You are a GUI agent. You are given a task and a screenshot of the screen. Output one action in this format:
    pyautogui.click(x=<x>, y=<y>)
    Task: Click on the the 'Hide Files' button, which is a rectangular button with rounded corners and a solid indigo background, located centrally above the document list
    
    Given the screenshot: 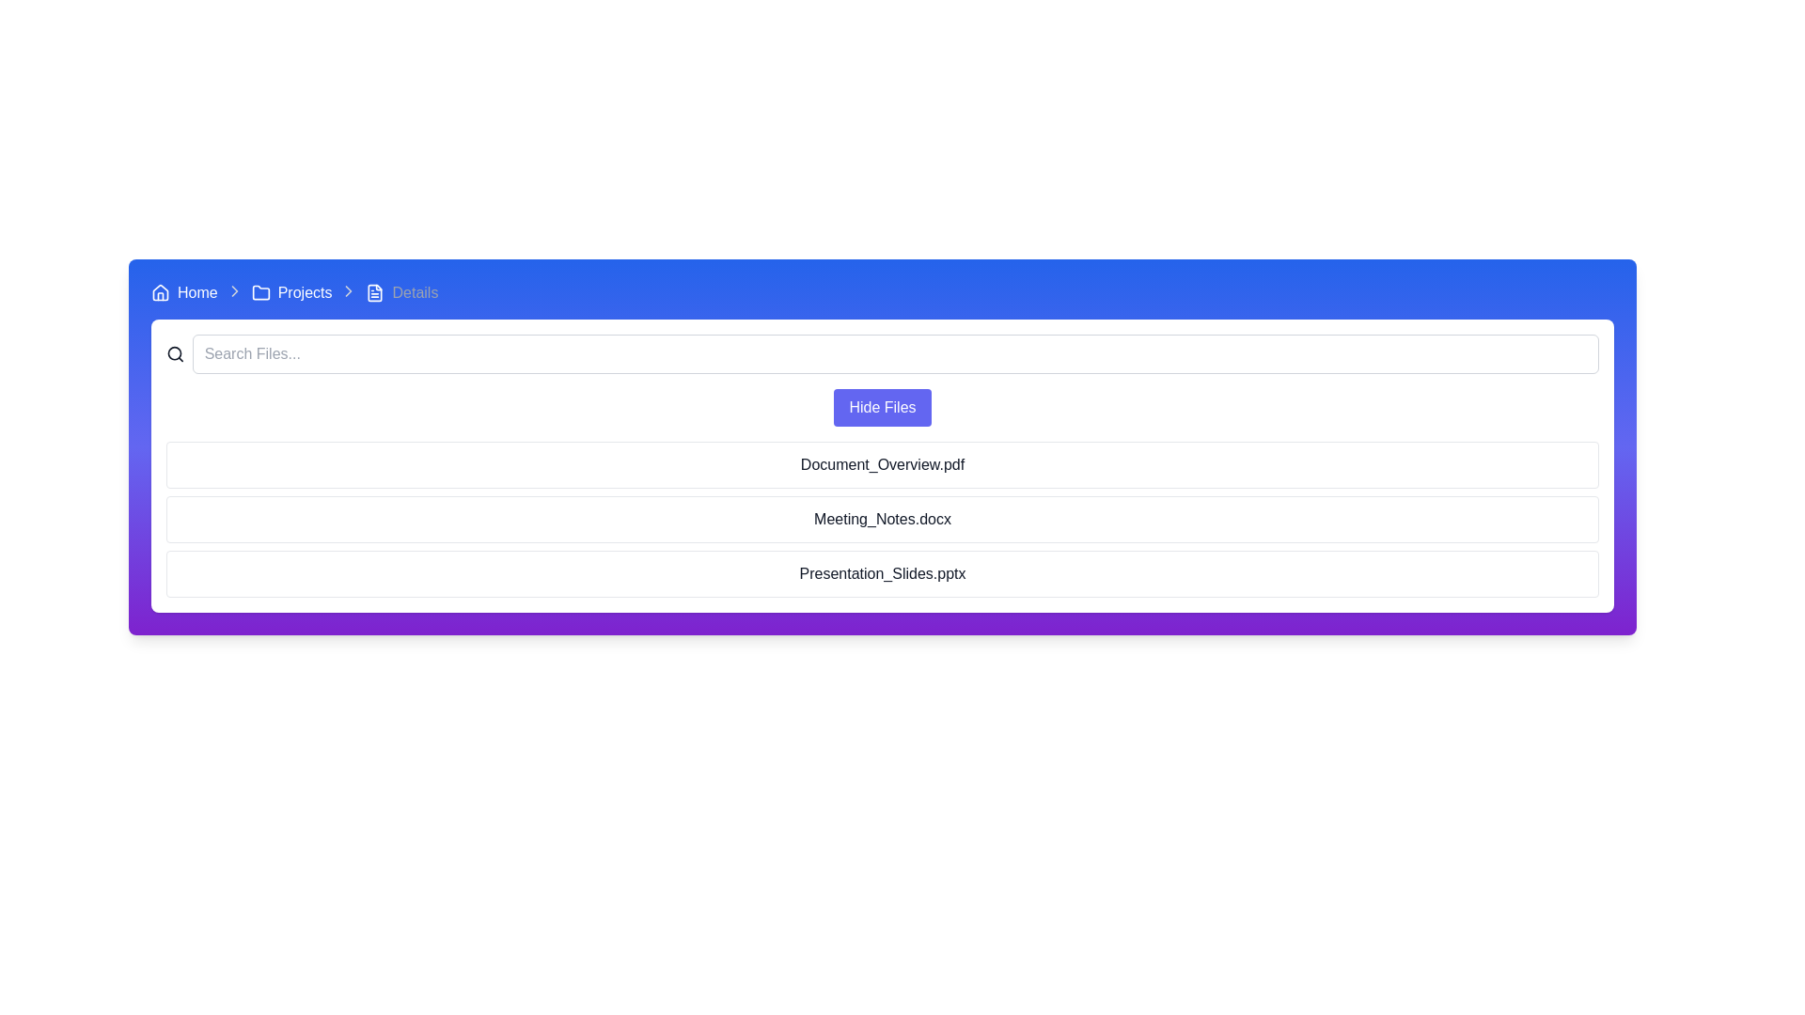 What is the action you would take?
    pyautogui.click(x=882, y=407)
    